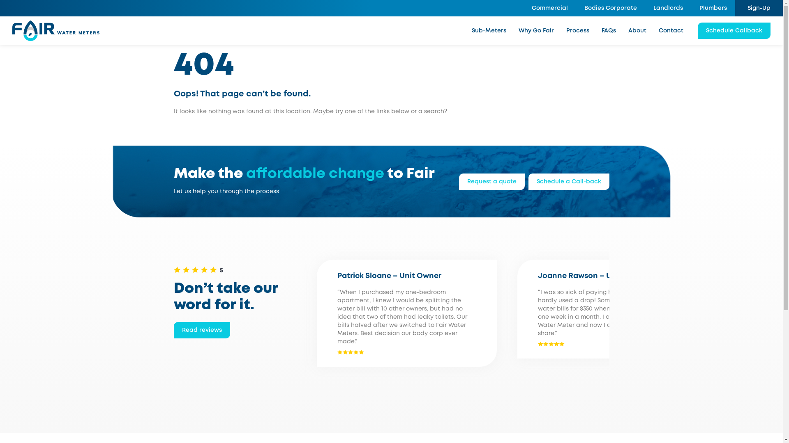  Describe the element at coordinates (568, 181) in the screenshot. I see `'Schedule a Call-back'` at that location.